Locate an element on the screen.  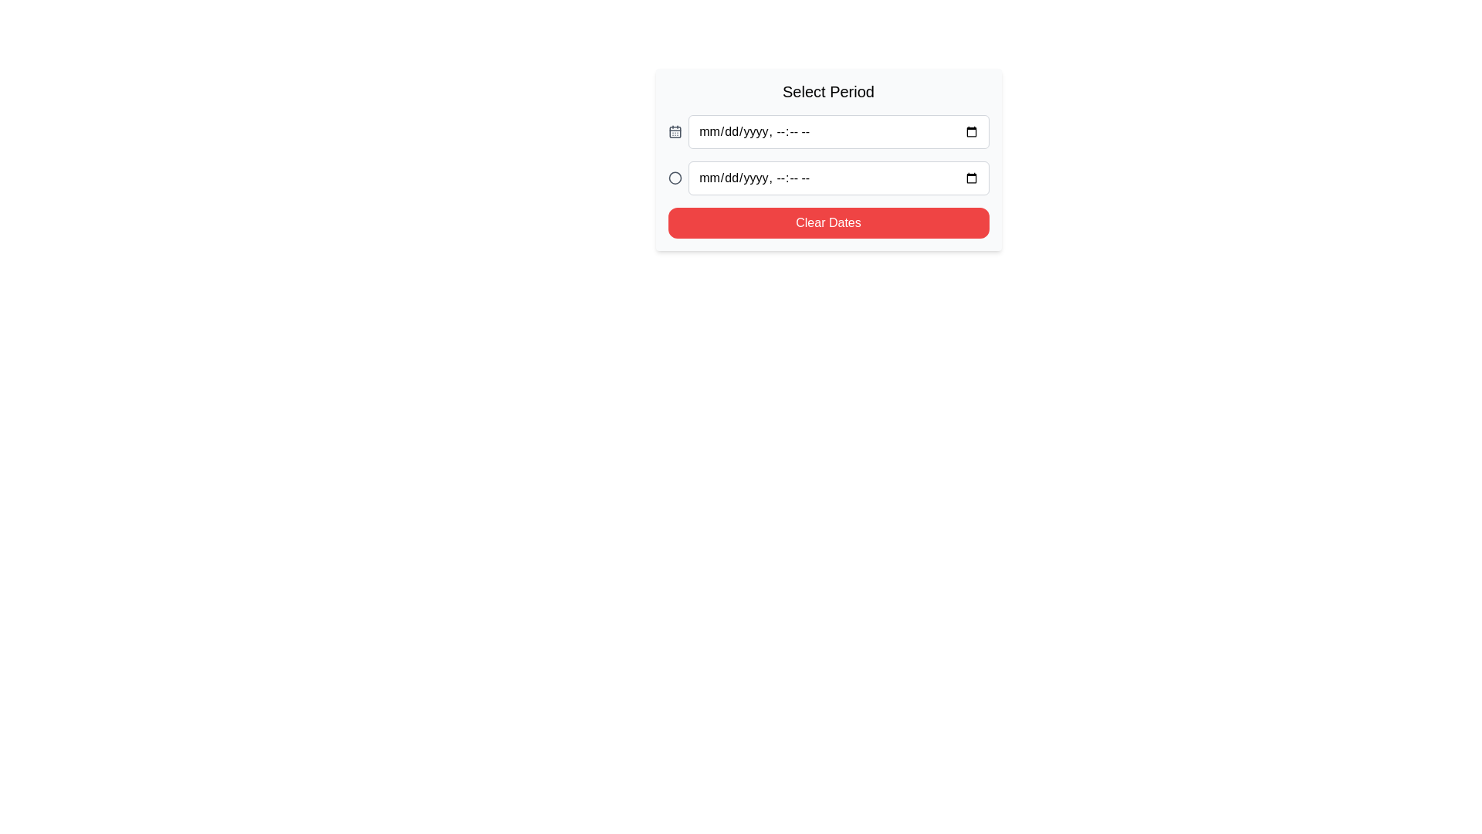
the circular graphical icon with a gray outline located on the left side of the second input field in the date selection form is located at coordinates (675, 178).